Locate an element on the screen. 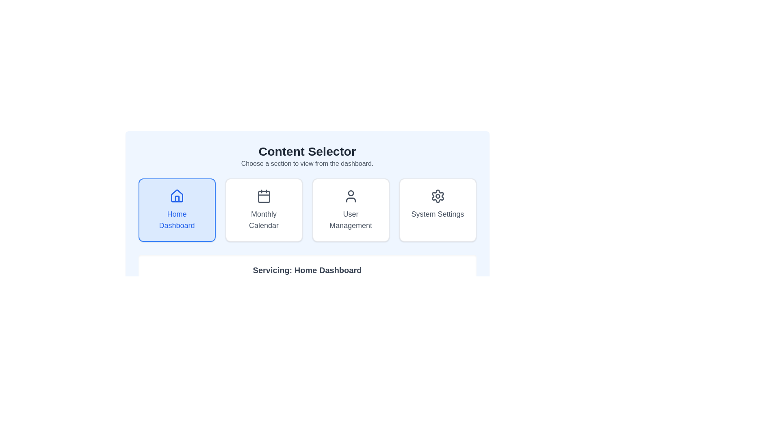  text label 'User Management' which is centrally located within the third card from the left in a horizontal layout of four cards, featuring a dark gray font on a white background is located at coordinates (351, 219).